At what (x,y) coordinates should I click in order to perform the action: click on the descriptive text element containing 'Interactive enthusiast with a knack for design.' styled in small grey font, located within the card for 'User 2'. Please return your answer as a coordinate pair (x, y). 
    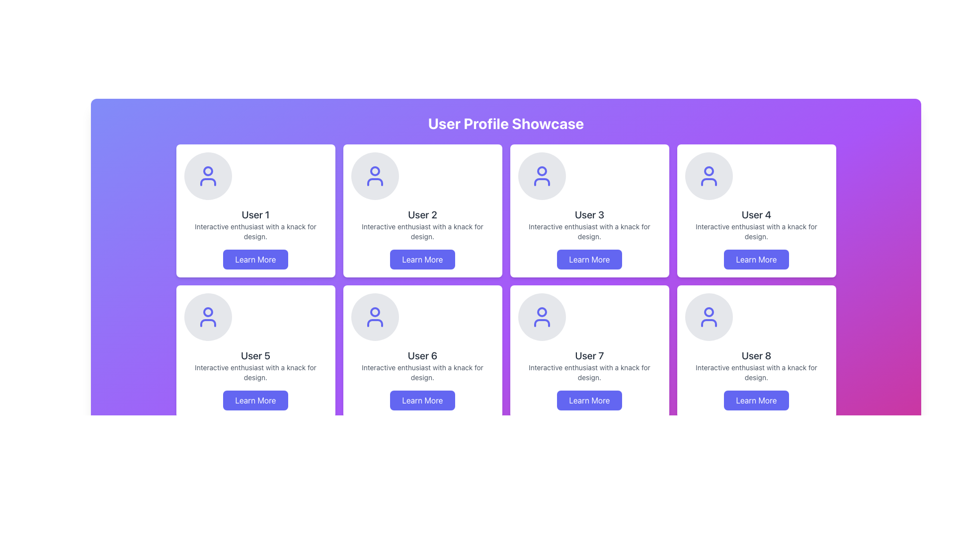
    Looking at the image, I should click on (422, 231).